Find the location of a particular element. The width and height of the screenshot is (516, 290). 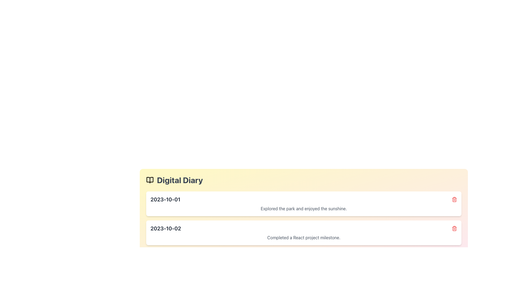

the text label displaying '2023-10-01', which is styled with bold and large font and located at the top of the list under the 'Digital Diary' section is located at coordinates (165, 200).